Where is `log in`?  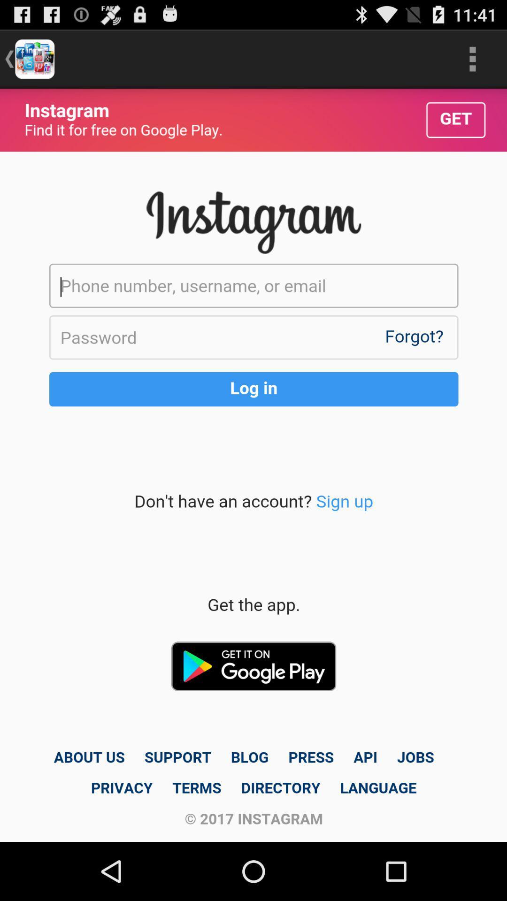
log in is located at coordinates (253, 465).